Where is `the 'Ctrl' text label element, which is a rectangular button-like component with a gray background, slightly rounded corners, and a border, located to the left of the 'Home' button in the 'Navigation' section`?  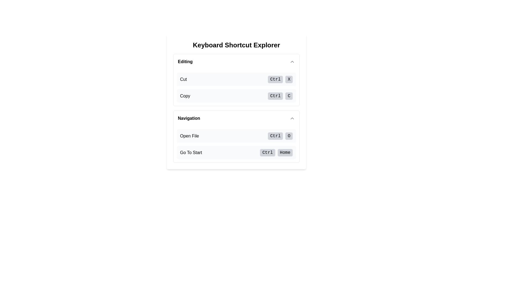 the 'Ctrl' text label element, which is a rectangular button-like component with a gray background, slightly rounded corners, and a border, located to the left of the 'Home' button in the 'Navigation' section is located at coordinates (267, 152).